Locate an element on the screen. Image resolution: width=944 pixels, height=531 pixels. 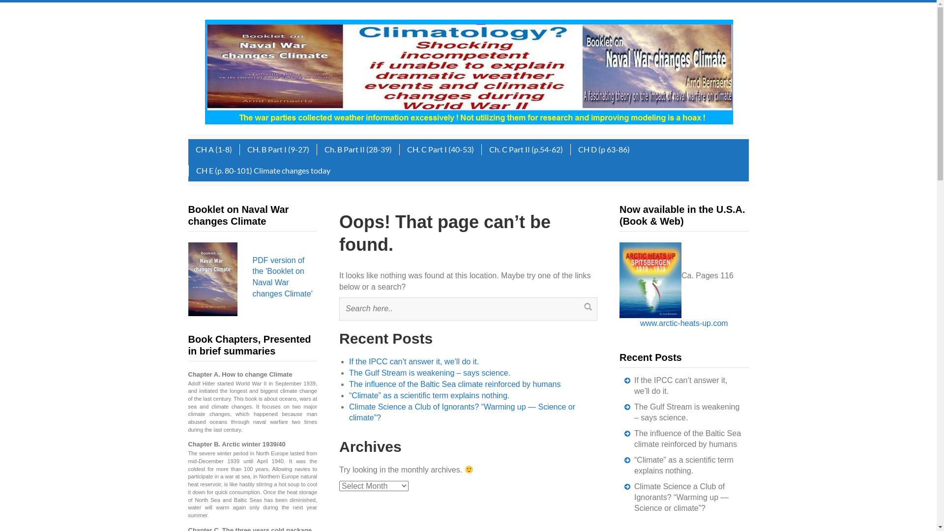
'CH. B Part I (9-27)' is located at coordinates (277, 149).